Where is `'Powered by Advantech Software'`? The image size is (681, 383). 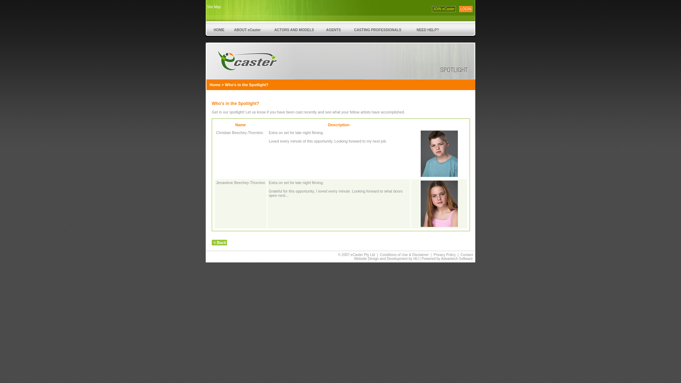
'Powered by Advantech Software' is located at coordinates (447, 259).